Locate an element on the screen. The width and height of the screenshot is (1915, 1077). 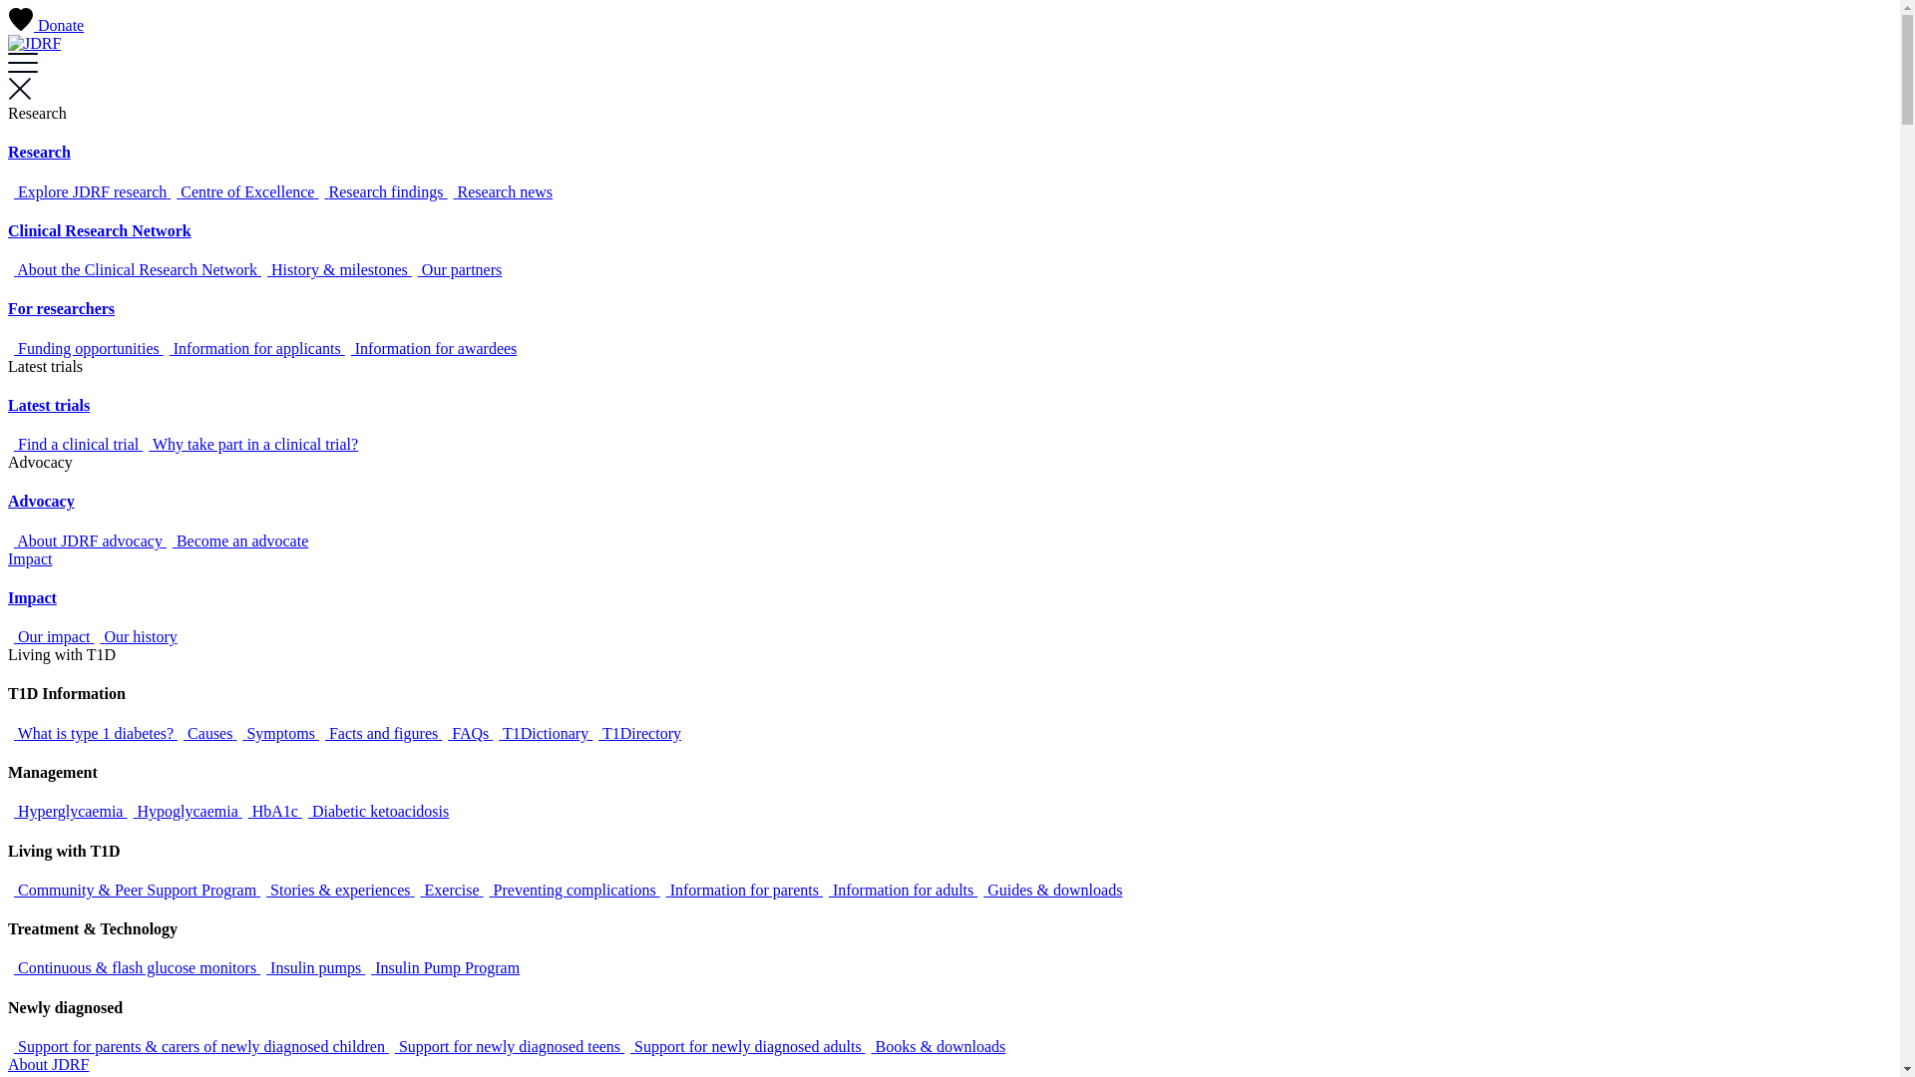
'Become an advocate' is located at coordinates (237, 540).